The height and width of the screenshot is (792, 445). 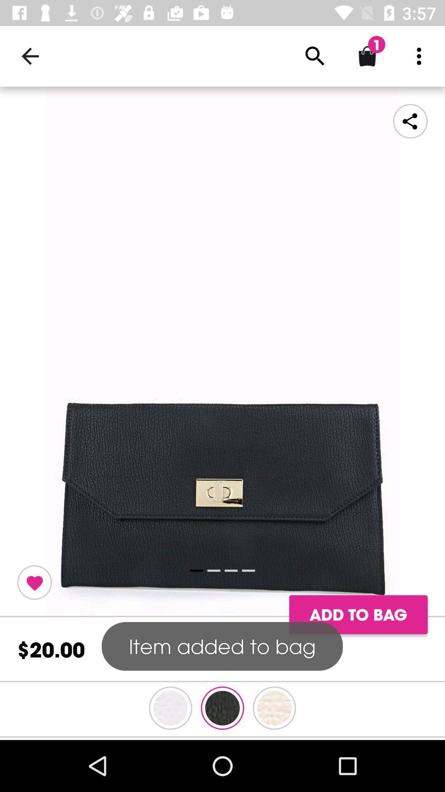 What do you see at coordinates (410, 120) in the screenshot?
I see `share the article` at bounding box center [410, 120].